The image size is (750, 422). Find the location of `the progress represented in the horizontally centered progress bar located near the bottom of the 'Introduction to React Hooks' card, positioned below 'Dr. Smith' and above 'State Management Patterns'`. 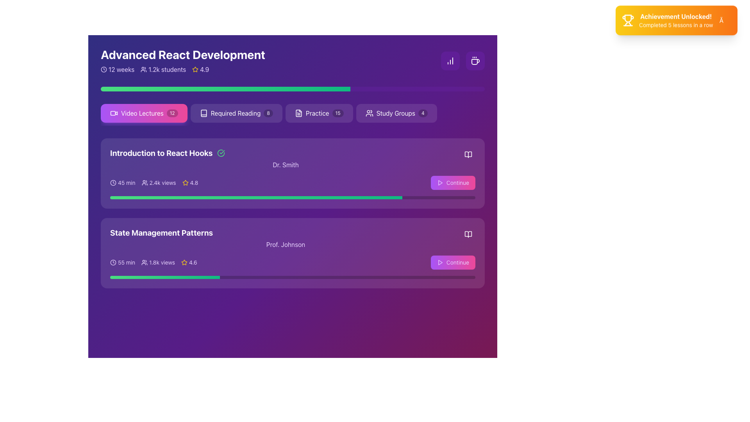

the progress represented in the horizontally centered progress bar located near the bottom of the 'Introduction to React Hooks' card, positioned below 'Dr. Smith' and above 'State Management Patterns' is located at coordinates (292, 197).